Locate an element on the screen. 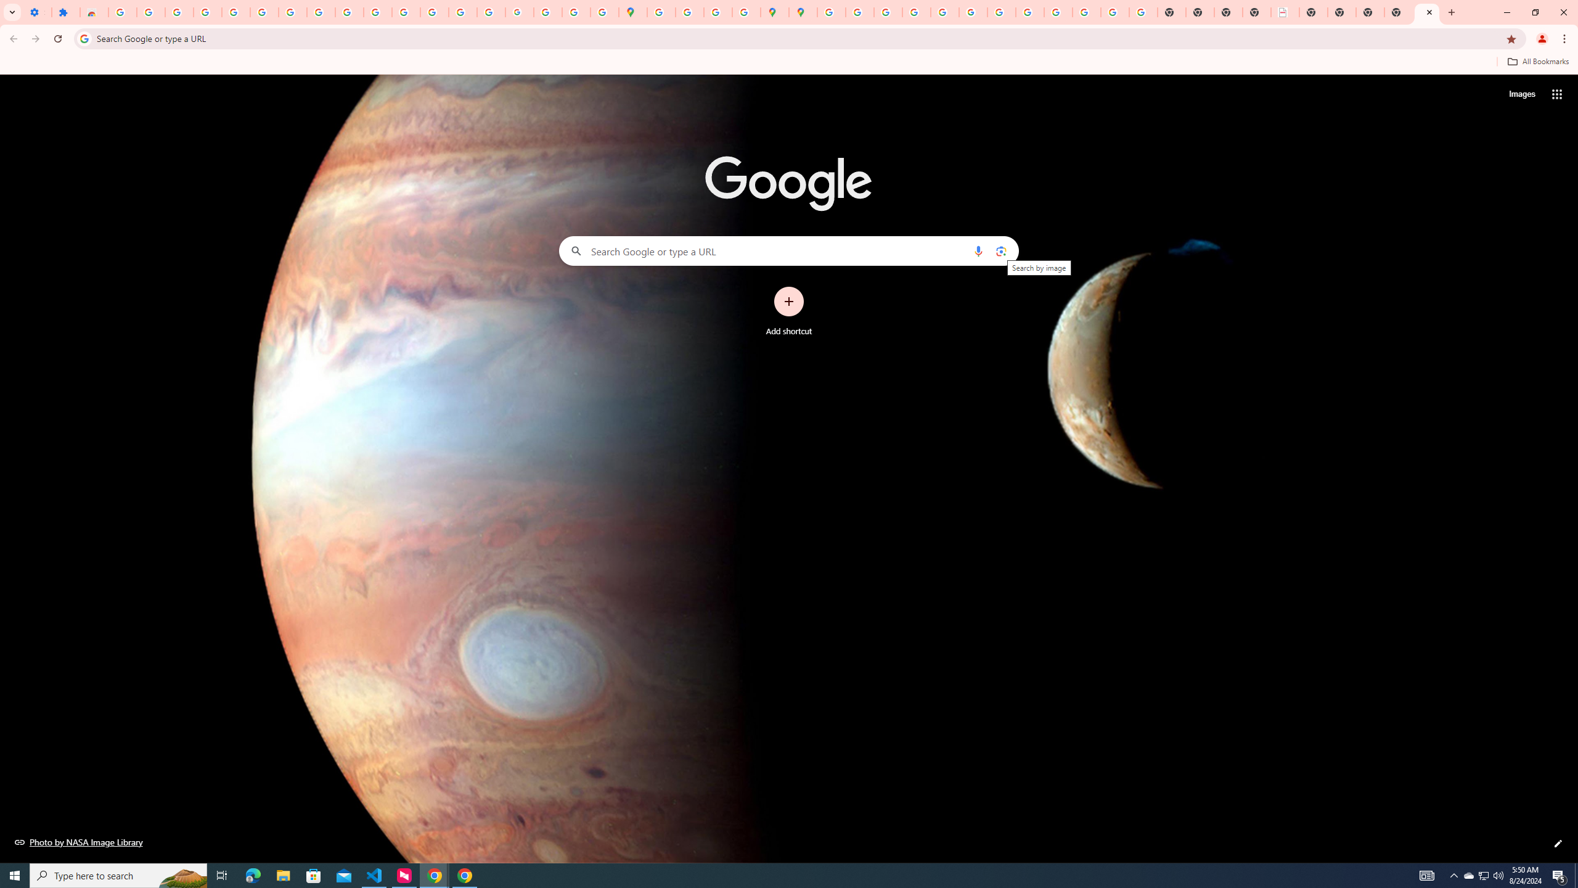 Image resolution: width=1578 pixels, height=888 pixels. 'Customize this page' is located at coordinates (1558, 843).